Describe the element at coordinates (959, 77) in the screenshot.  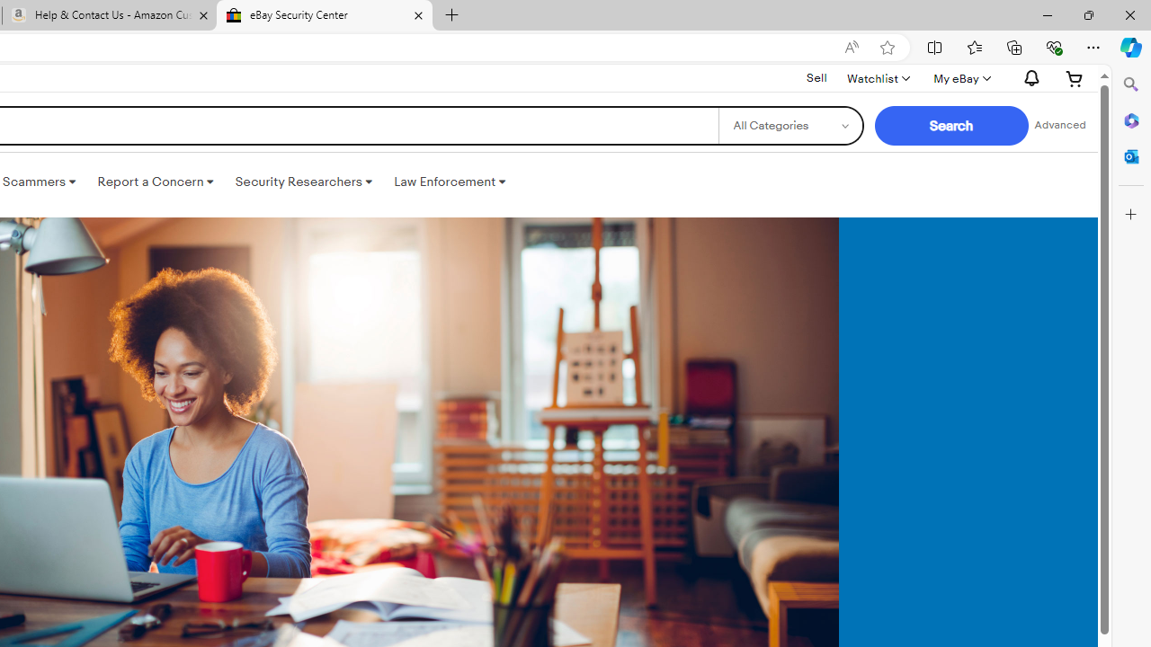
I see `'My eBayExpand My eBay'` at that location.